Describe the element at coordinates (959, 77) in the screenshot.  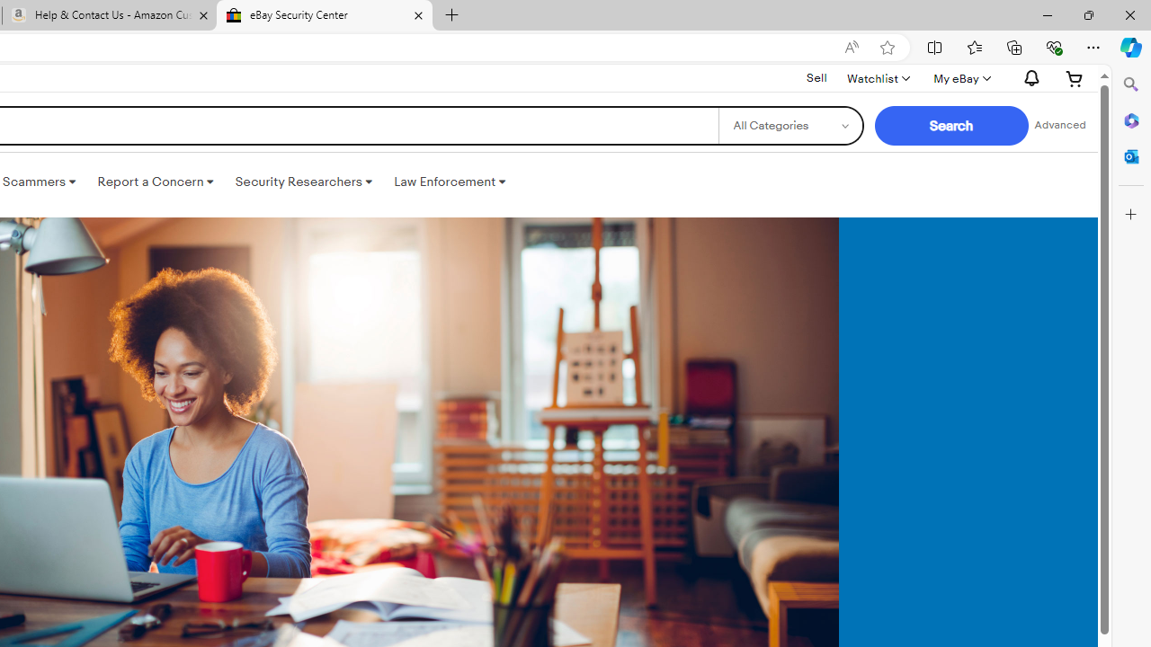
I see `'My eBayExpand My eBay'` at that location.